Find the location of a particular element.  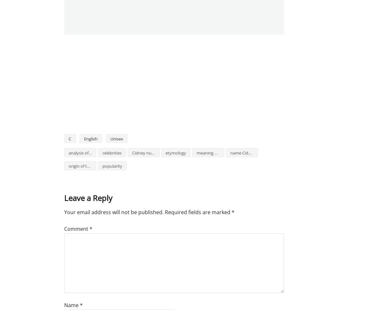

'celebrities' is located at coordinates (102, 153).